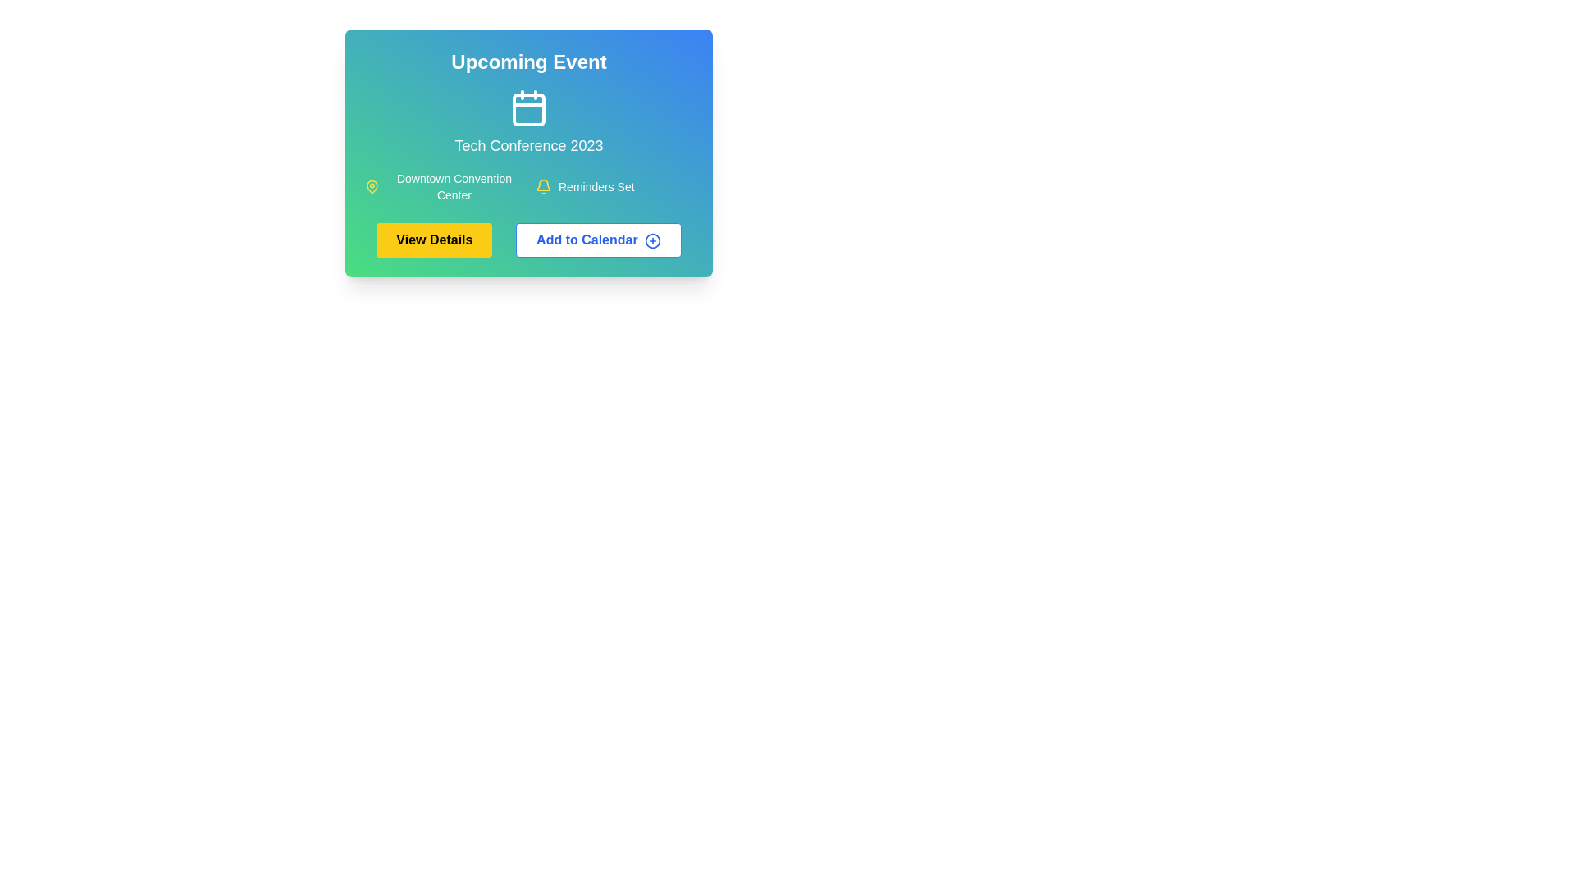 Image resolution: width=1575 pixels, height=886 pixels. I want to click on the header text label indicating the purpose or theme of the card's information, located at the top-center of the gradient card, directly above the calendar icon and the text 'Tech Conference 2023', so click(528, 62).